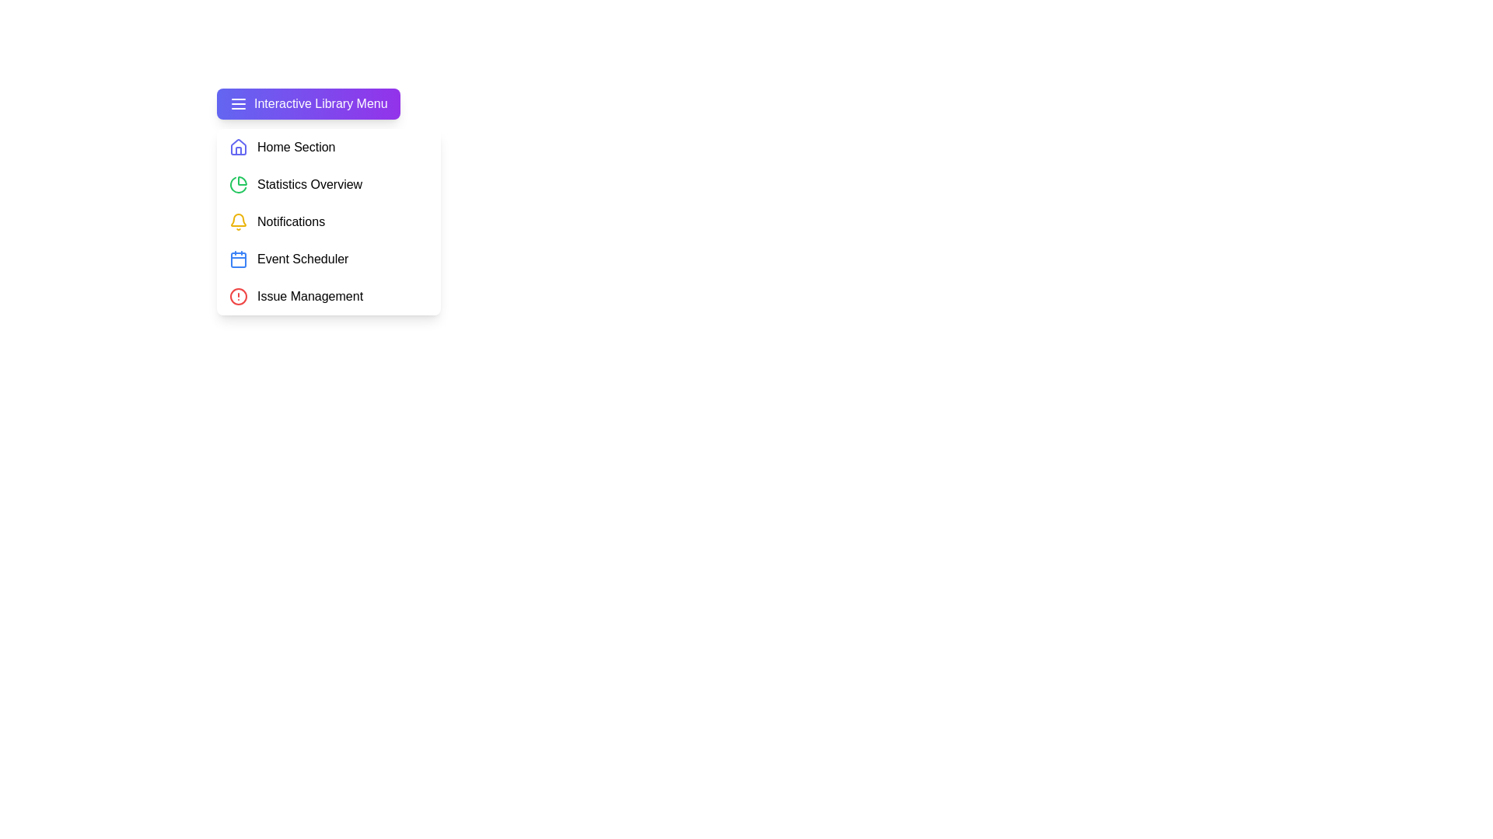 This screenshot has height=839, width=1493. I want to click on the menu item Statistics Overview from the LibraryMenu, so click(327, 184).